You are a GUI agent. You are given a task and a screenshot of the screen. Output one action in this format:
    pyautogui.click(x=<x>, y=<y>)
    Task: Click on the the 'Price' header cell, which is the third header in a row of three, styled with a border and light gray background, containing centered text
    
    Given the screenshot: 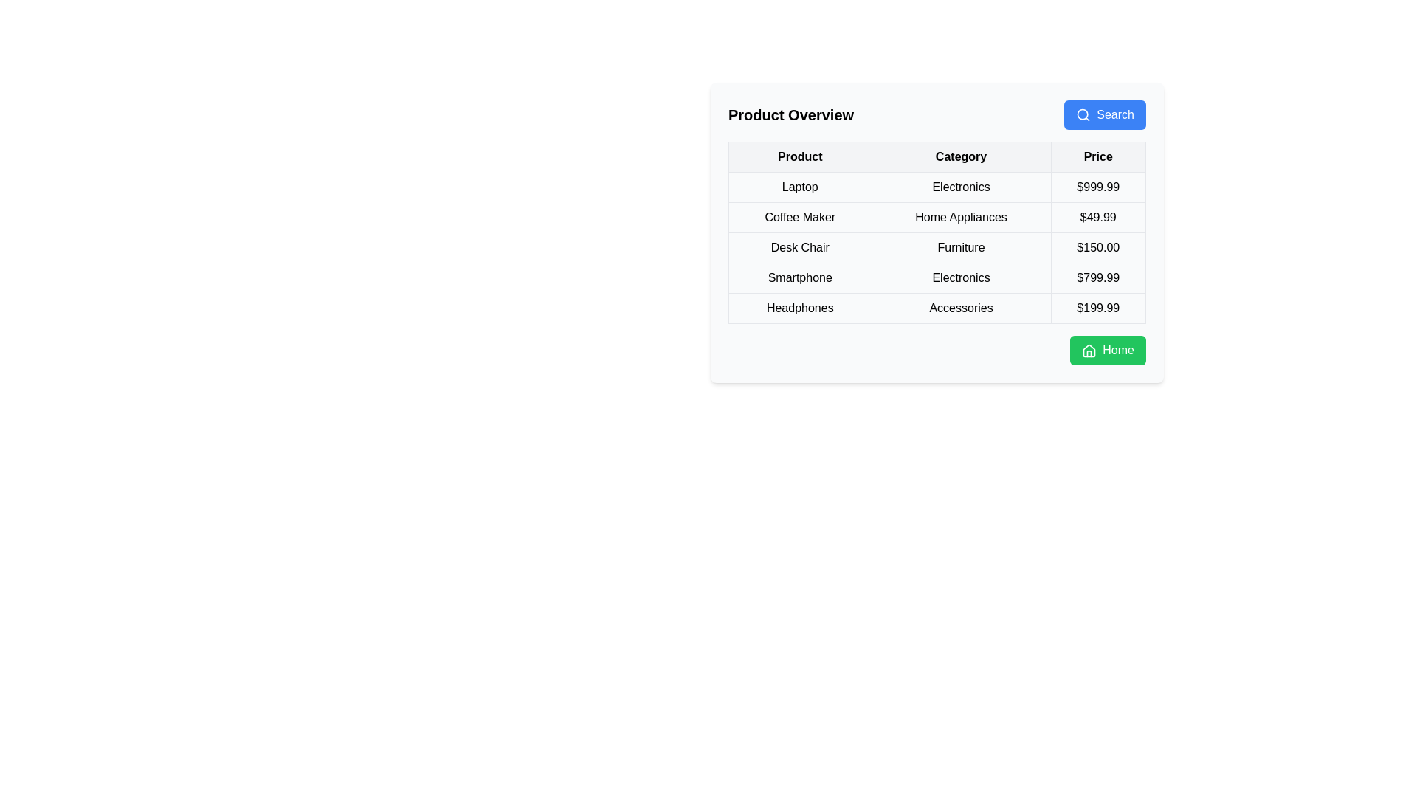 What is the action you would take?
    pyautogui.click(x=1098, y=156)
    